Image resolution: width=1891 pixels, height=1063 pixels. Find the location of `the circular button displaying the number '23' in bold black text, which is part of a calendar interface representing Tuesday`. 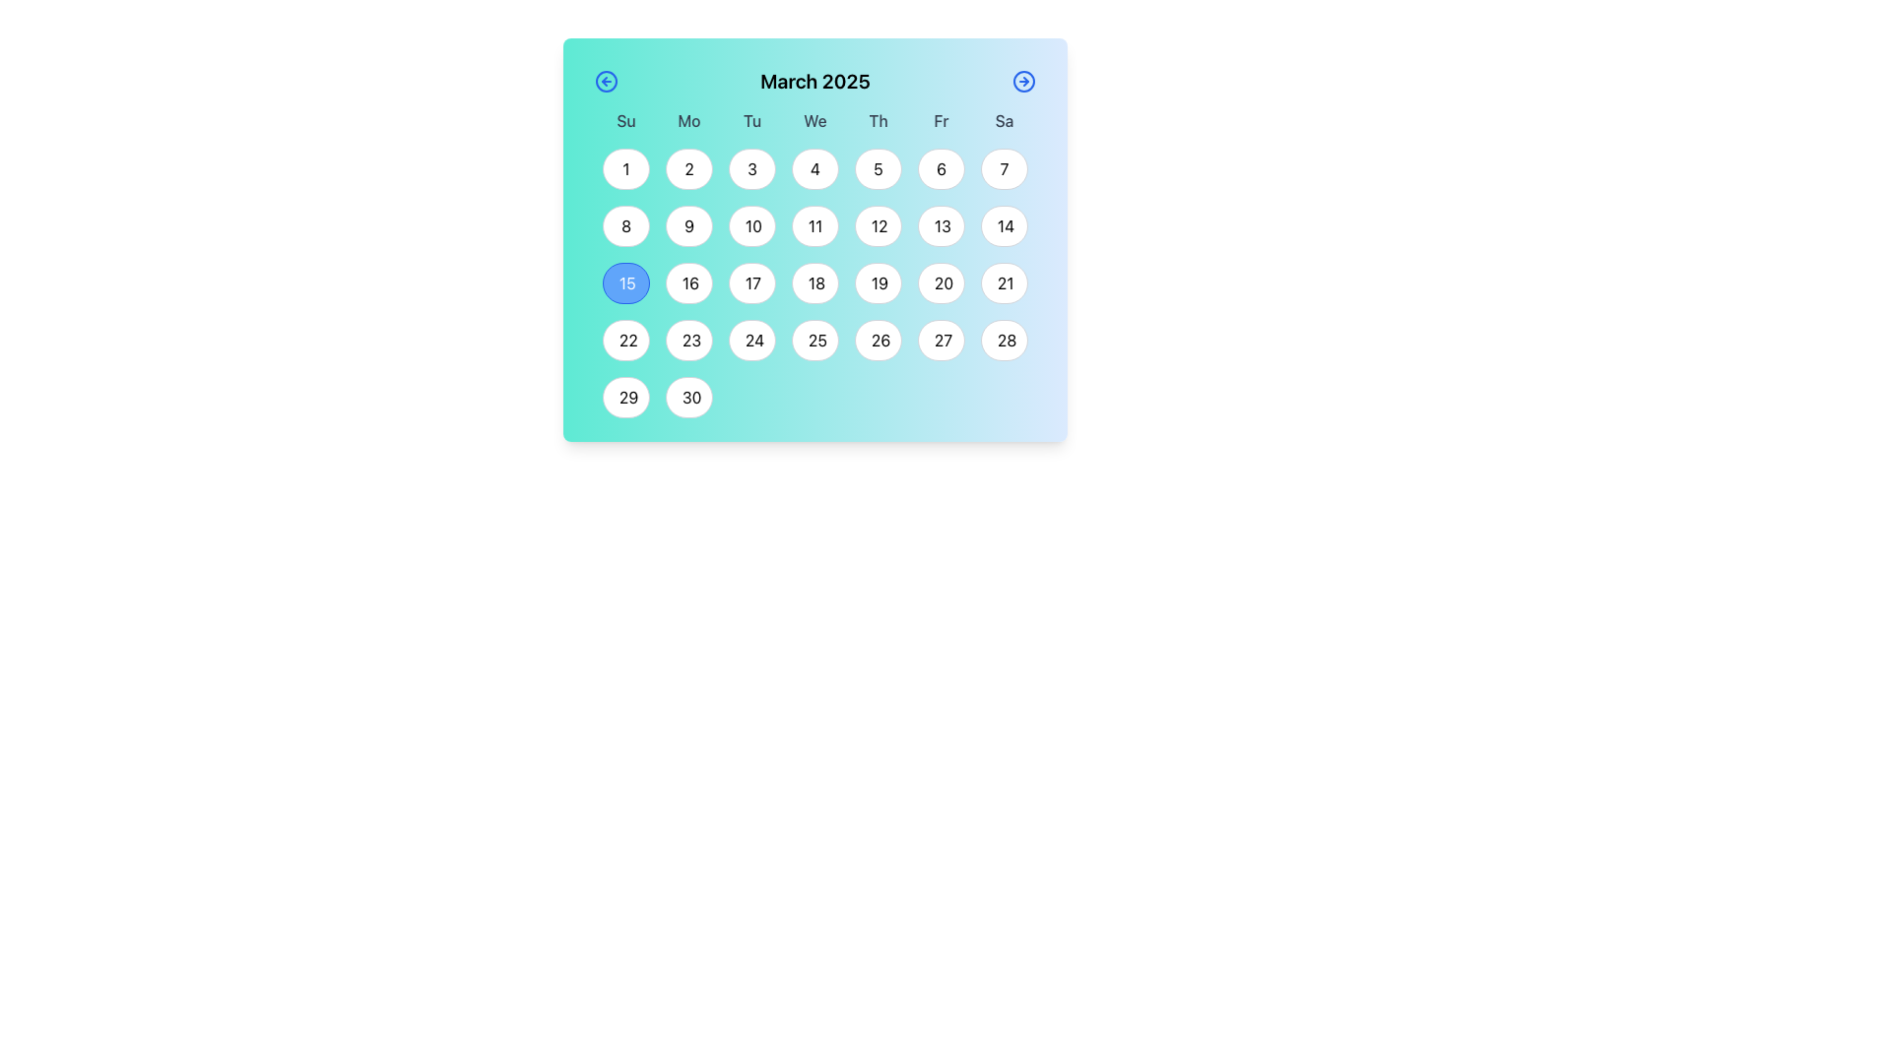

the circular button displaying the number '23' in bold black text, which is part of a calendar interface representing Tuesday is located at coordinates (689, 340).